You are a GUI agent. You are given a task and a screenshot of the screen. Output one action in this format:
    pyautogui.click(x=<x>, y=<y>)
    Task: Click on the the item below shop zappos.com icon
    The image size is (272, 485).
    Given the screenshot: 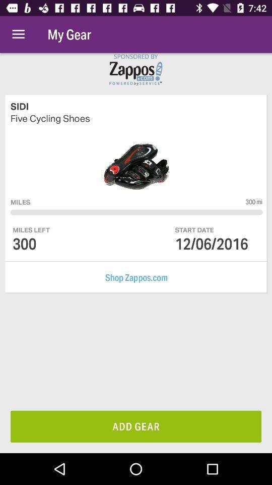 What is the action you would take?
    pyautogui.click(x=136, y=426)
    